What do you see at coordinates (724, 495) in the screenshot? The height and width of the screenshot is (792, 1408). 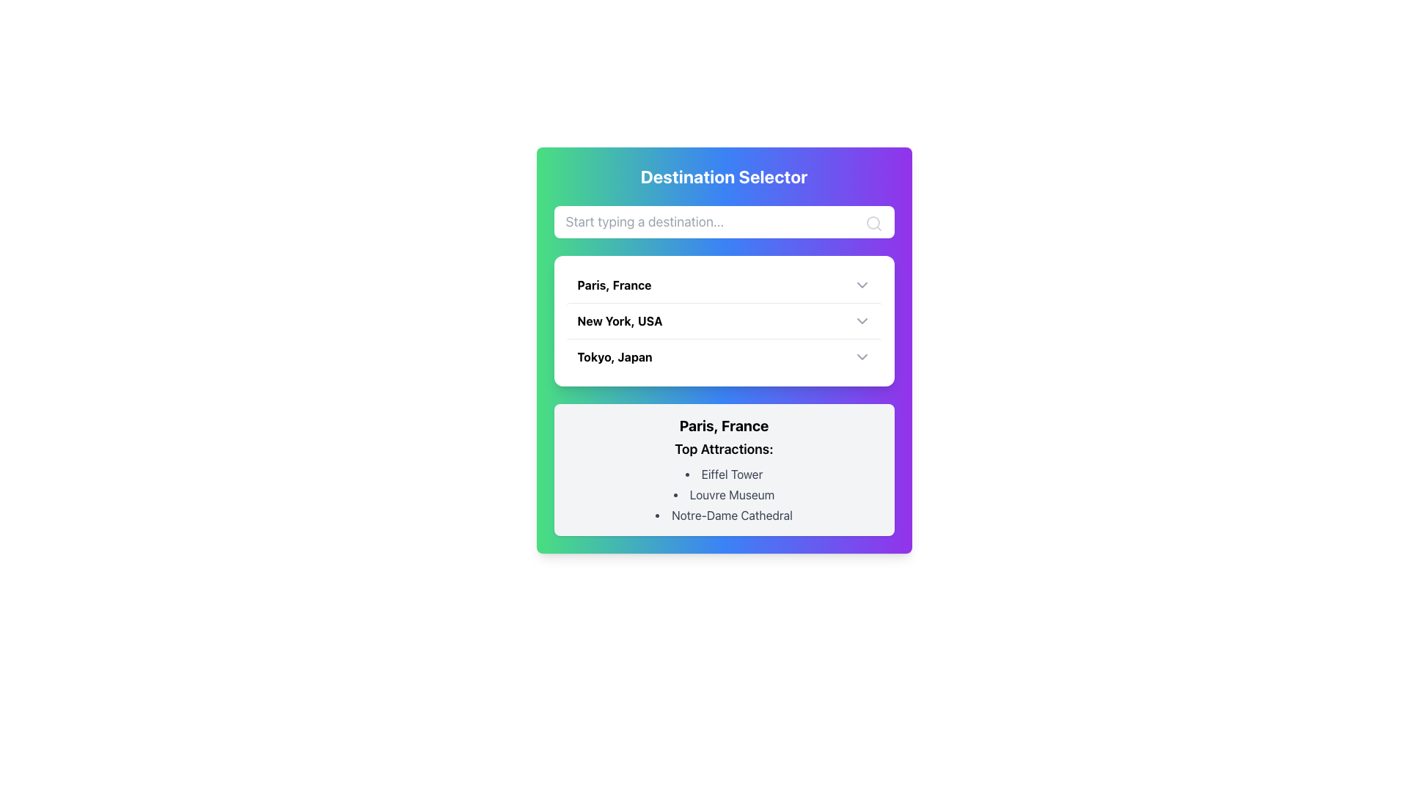 I see `the static text label element displaying 'Louvre Museum' which is the second item in the list of top attractions for Paris, France, positioned between 'Eiffel Tower' and 'Notre-Dame Cathedral'` at bounding box center [724, 495].